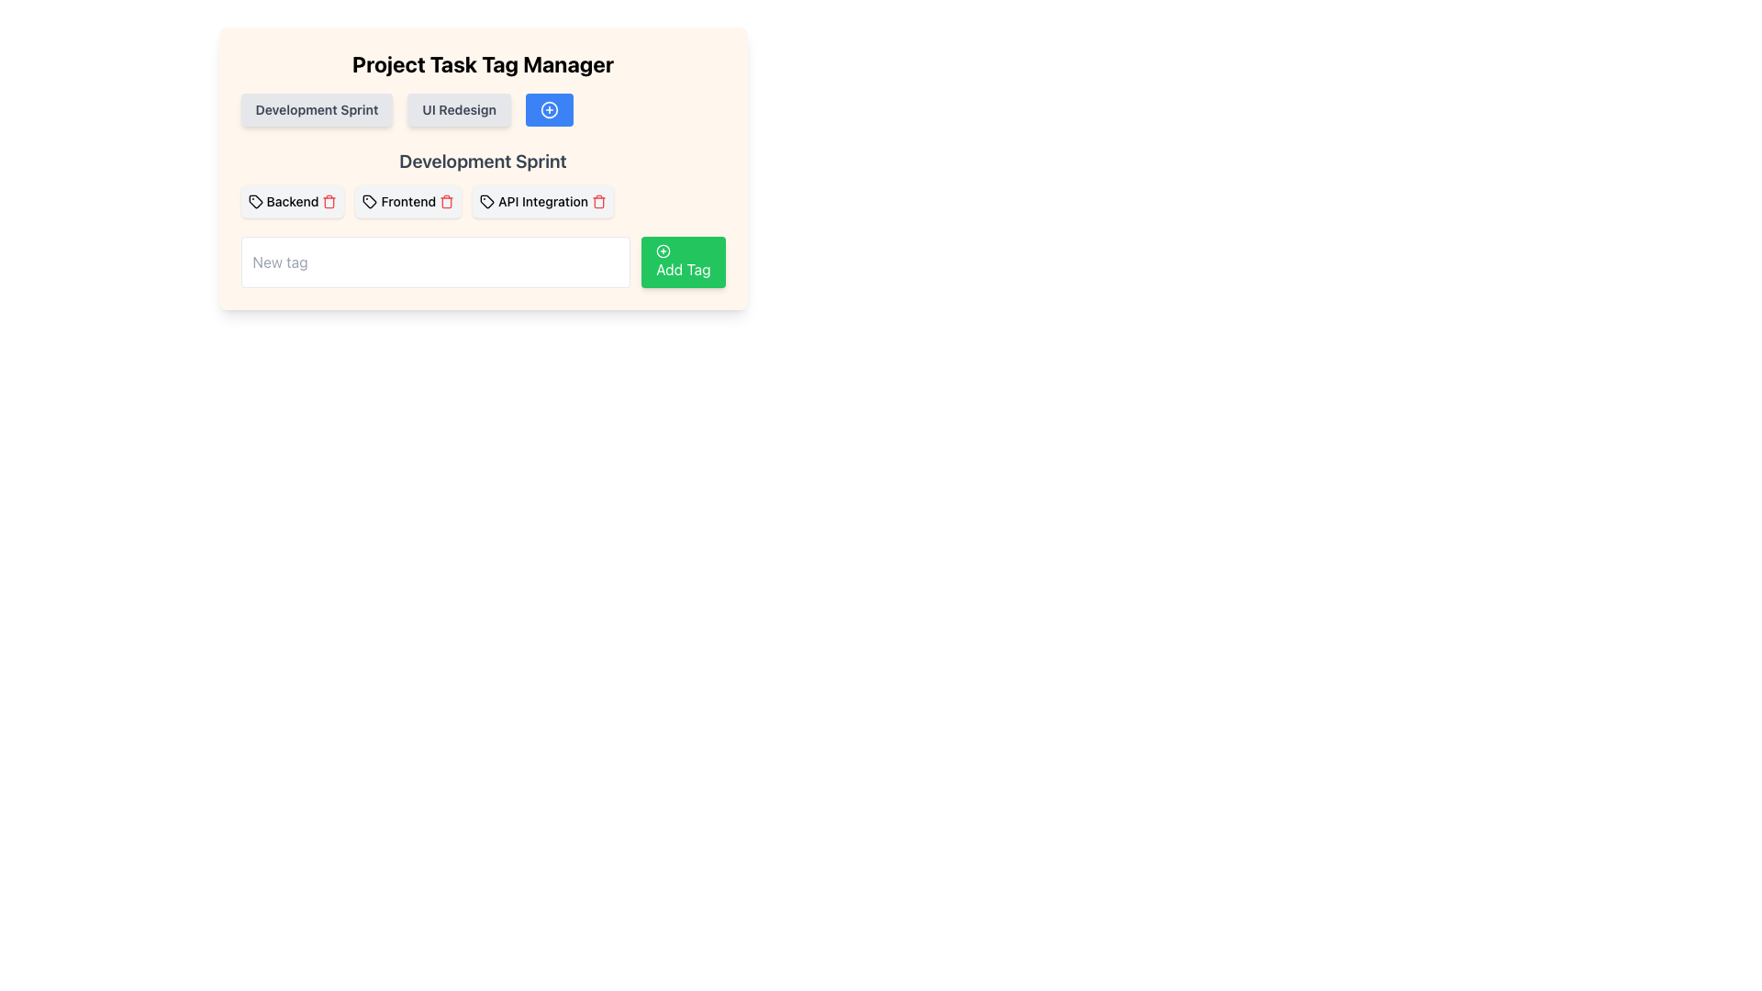  Describe the element at coordinates (329, 201) in the screenshot. I see `the red trash can icon button located to the right of the 'Backend' tag within the 'Development Sprint' section` at that location.